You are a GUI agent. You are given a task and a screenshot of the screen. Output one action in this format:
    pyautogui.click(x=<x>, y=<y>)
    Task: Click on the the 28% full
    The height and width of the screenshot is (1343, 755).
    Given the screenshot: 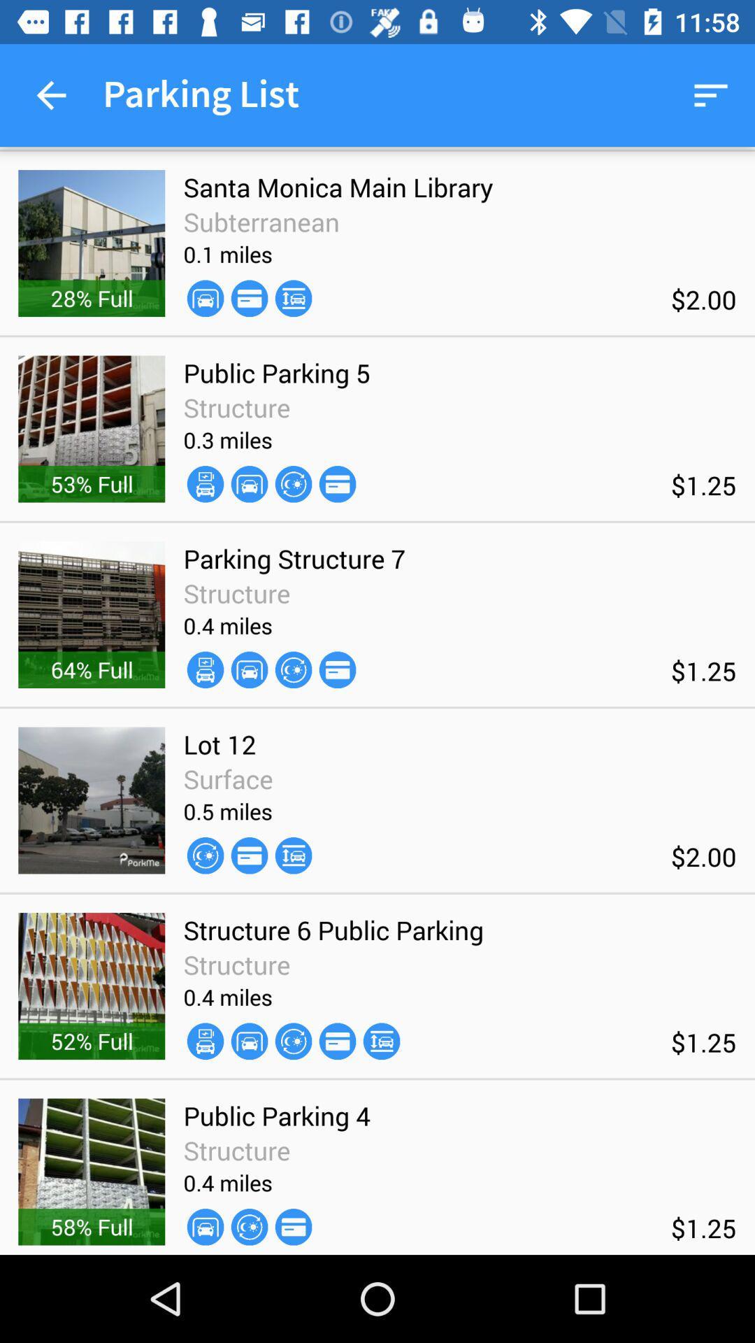 What is the action you would take?
    pyautogui.click(x=92, y=297)
    